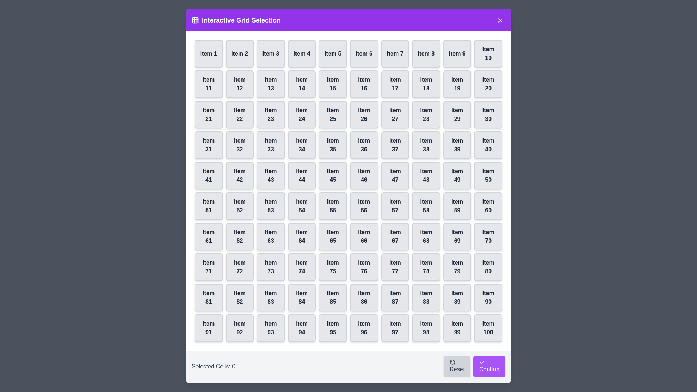  Describe the element at coordinates (456, 367) in the screenshot. I see `reset button to reset all selections` at that location.